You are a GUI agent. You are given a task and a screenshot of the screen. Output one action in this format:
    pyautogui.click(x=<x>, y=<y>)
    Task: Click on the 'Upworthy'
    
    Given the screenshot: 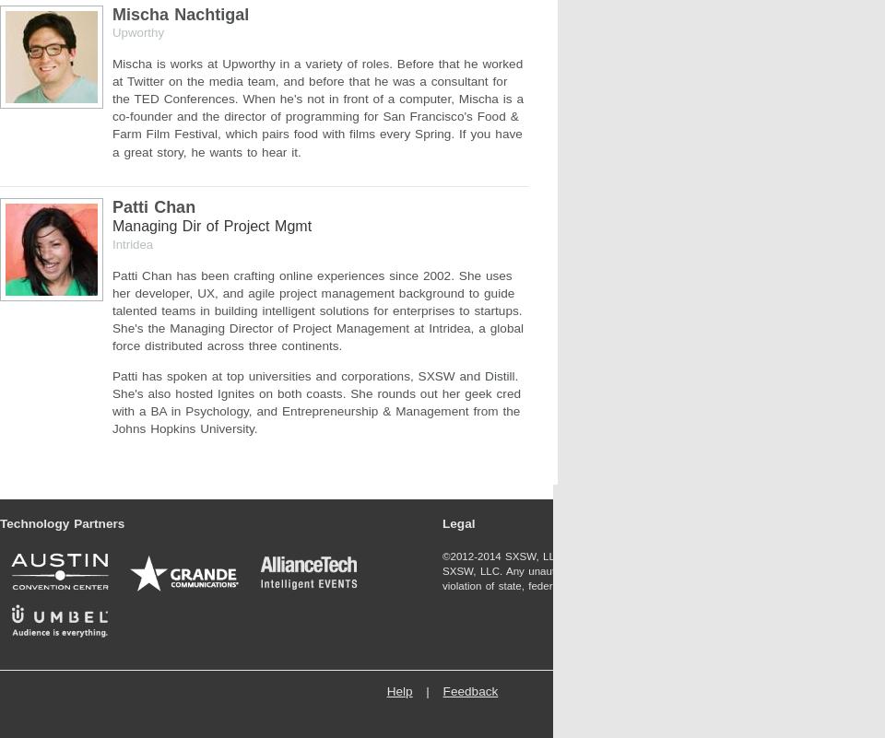 What is the action you would take?
    pyautogui.click(x=112, y=32)
    